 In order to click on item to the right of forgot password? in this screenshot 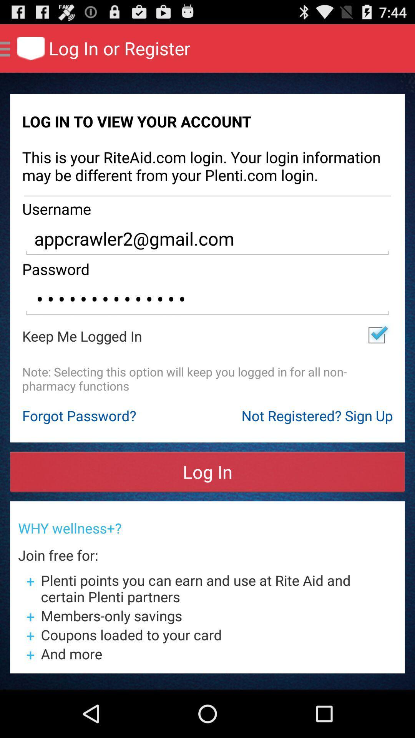, I will do `click(317, 415)`.